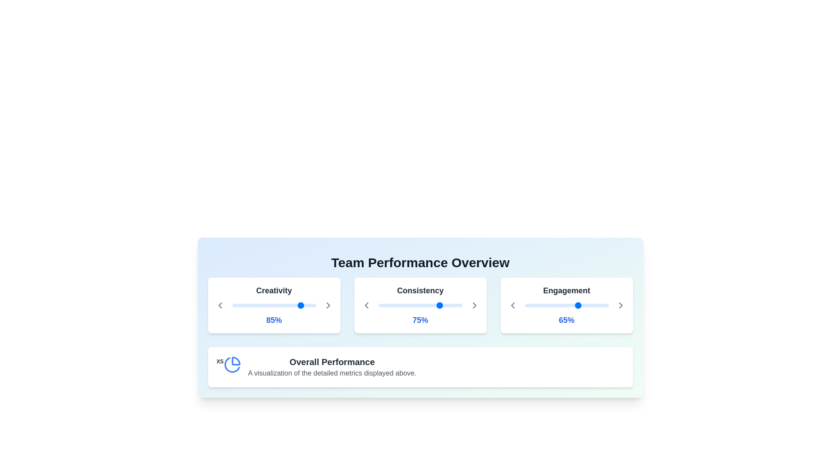 Image resolution: width=836 pixels, height=470 pixels. Describe the element at coordinates (420, 292) in the screenshot. I see `the bold text label displaying 'Consistency' located at the top of the card within the interface` at that location.